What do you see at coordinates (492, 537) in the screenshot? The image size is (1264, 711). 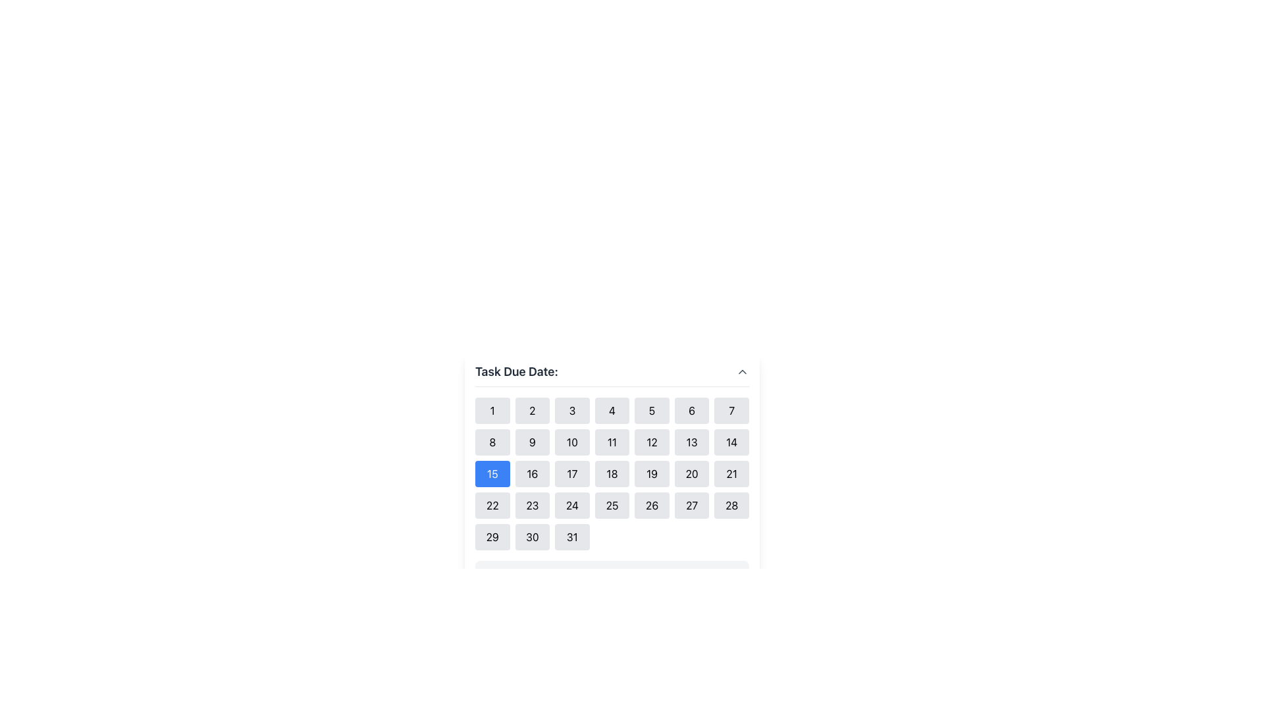 I see `the calendar button representing the 29th day under the 'Task Due Date' label to change its background color` at bounding box center [492, 537].